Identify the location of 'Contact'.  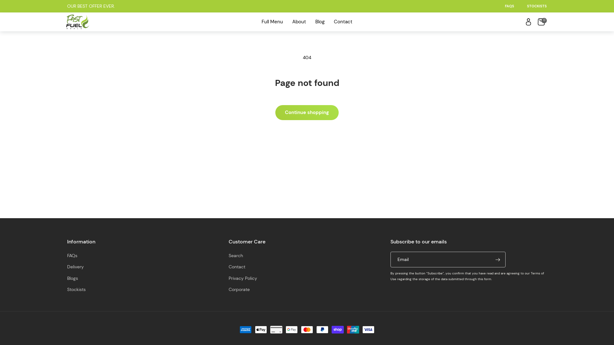
(342, 21).